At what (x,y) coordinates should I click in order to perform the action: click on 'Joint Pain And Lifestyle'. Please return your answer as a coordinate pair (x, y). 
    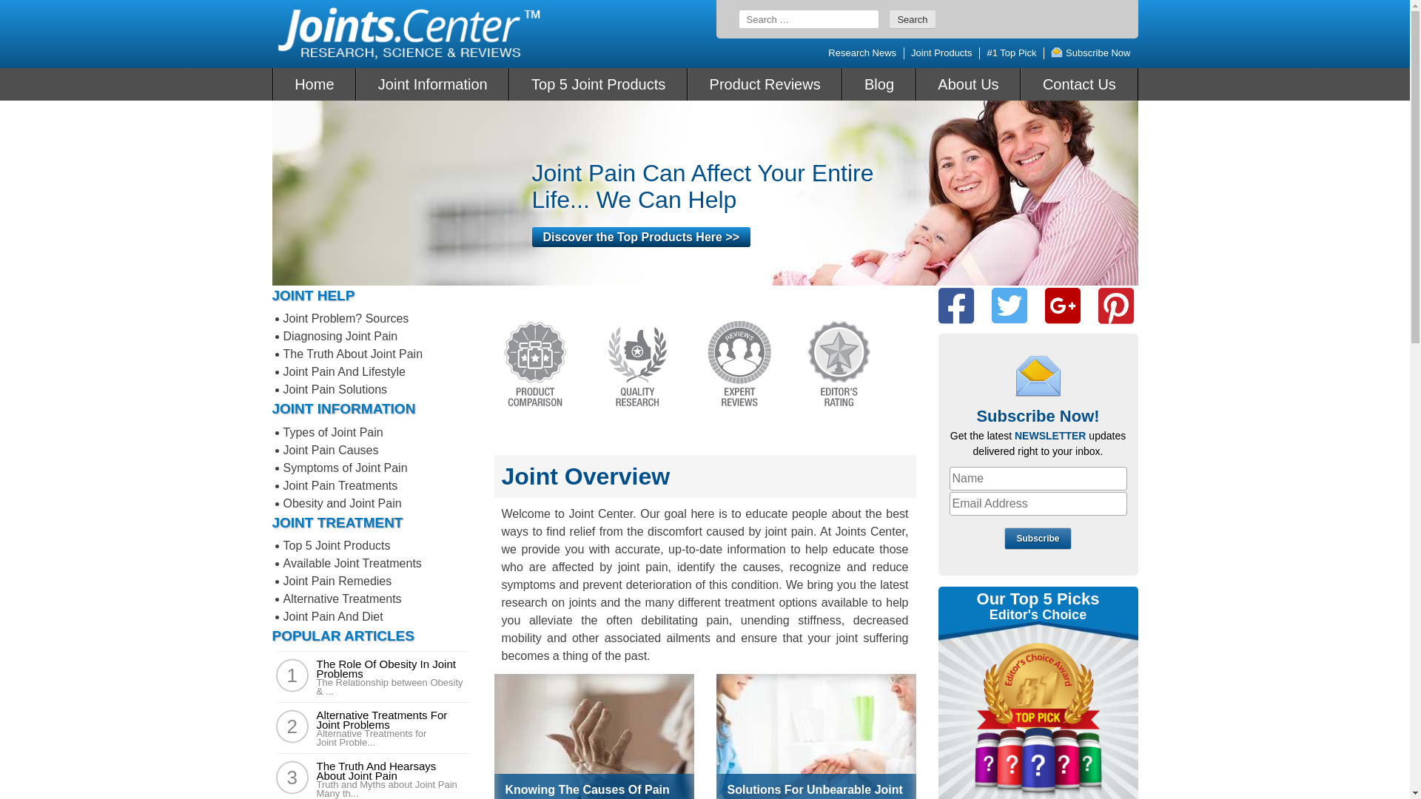
    Looking at the image, I should click on (343, 371).